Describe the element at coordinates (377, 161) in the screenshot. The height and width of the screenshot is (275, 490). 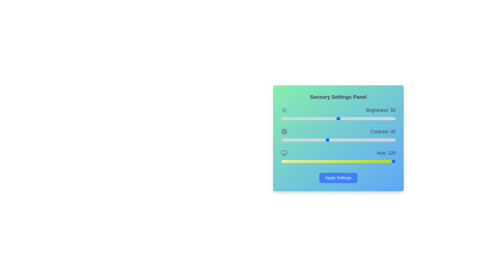
I see `the hue slider to 302` at that location.